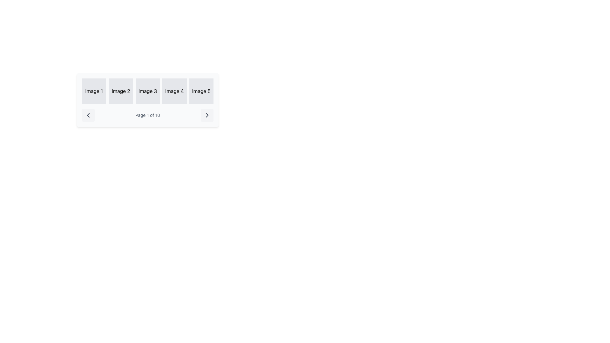 This screenshot has width=610, height=343. What do you see at coordinates (147, 115) in the screenshot?
I see `the text displaying the current page number and total page count, which is centered horizontally between navigation areas in a paginated interface` at bounding box center [147, 115].